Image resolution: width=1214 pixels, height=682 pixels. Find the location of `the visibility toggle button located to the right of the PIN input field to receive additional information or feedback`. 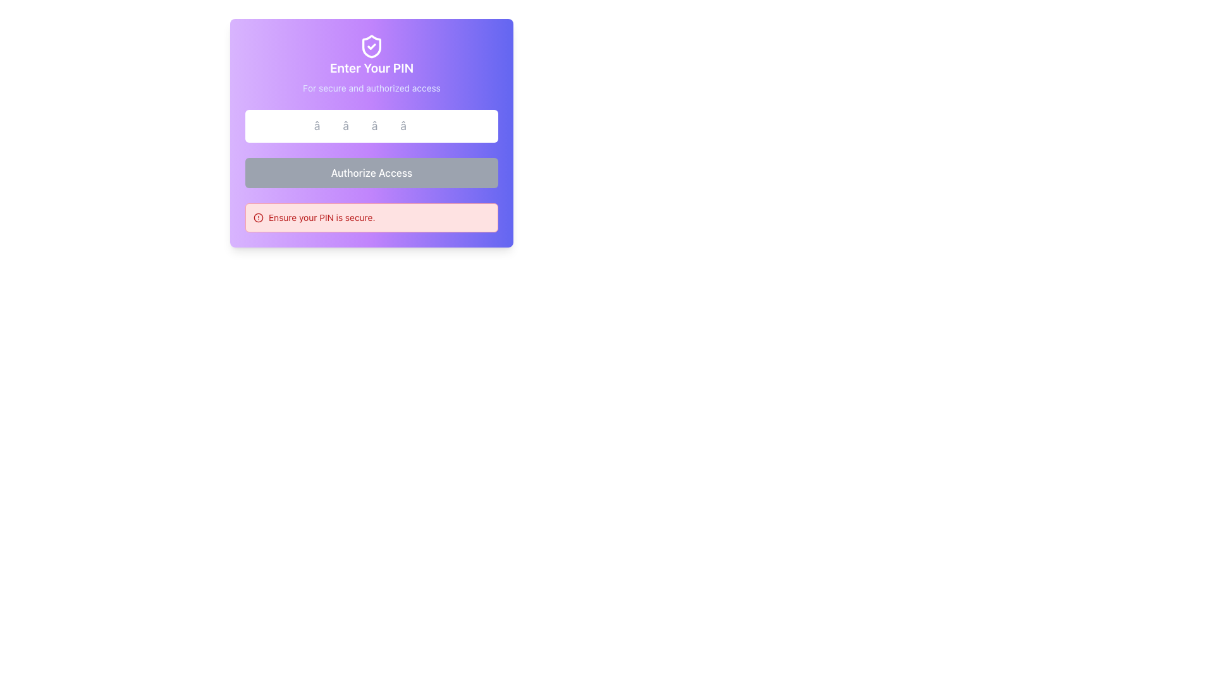

the visibility toggle button located to the right of the PIN input field to receive additional information or feedback is located at coordinates (484, 126).